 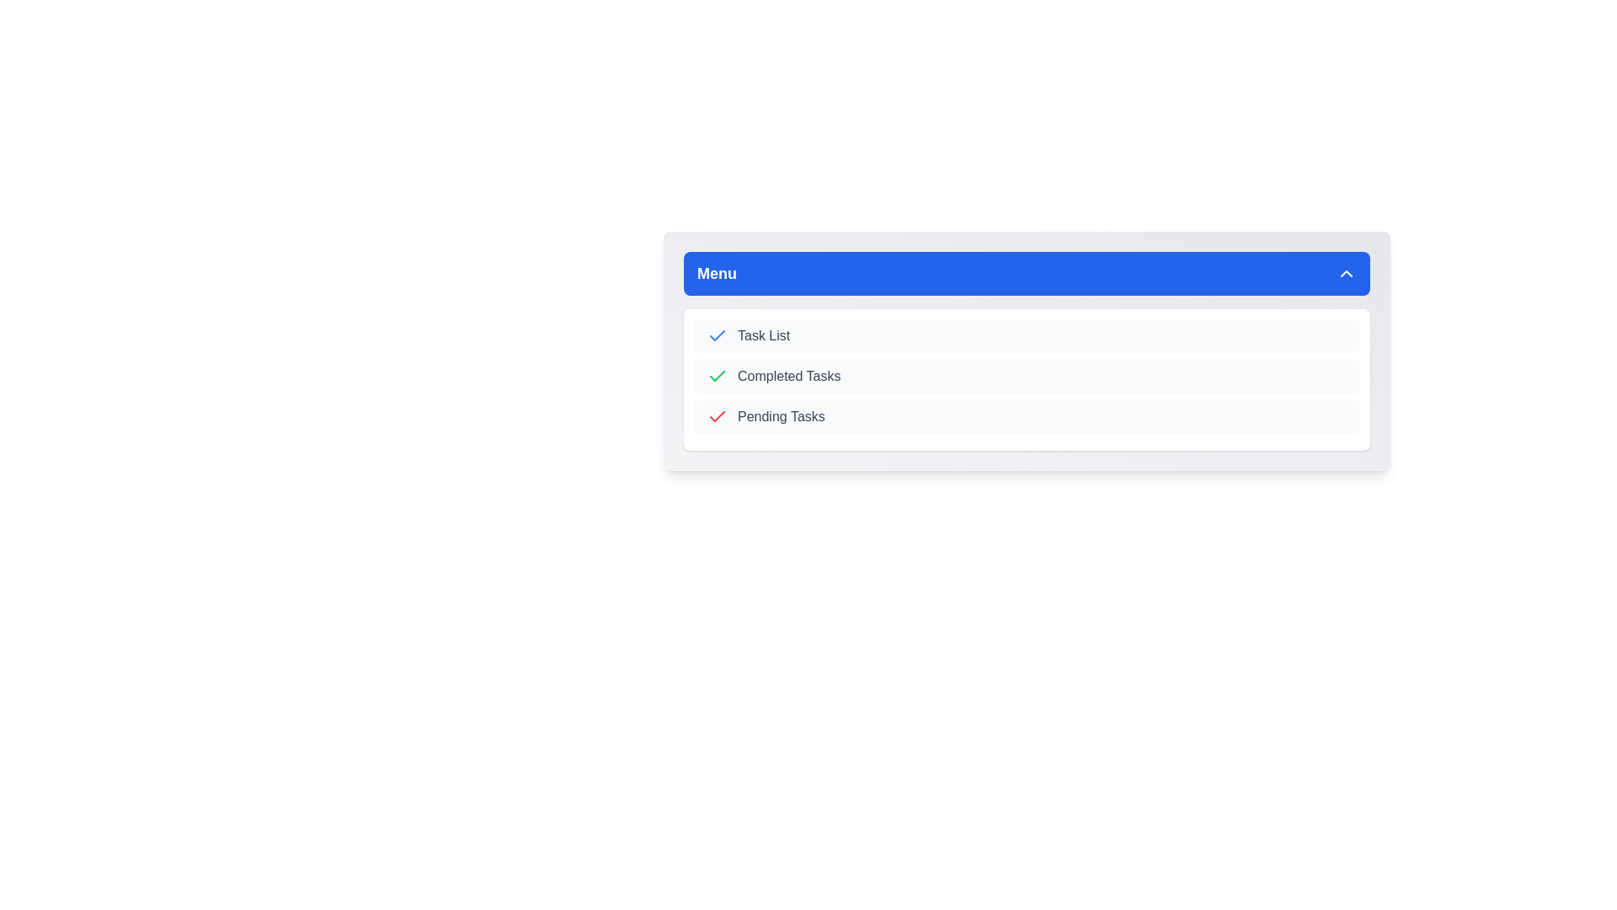 What do you see at coordinates (717, 416) in the screenshot?
I see `styling or properties of the Check Icon, which is a bold red geometrical design indicating confirmation, located next to the text 'Pending Tasks'` at bounding box center [717, 416].